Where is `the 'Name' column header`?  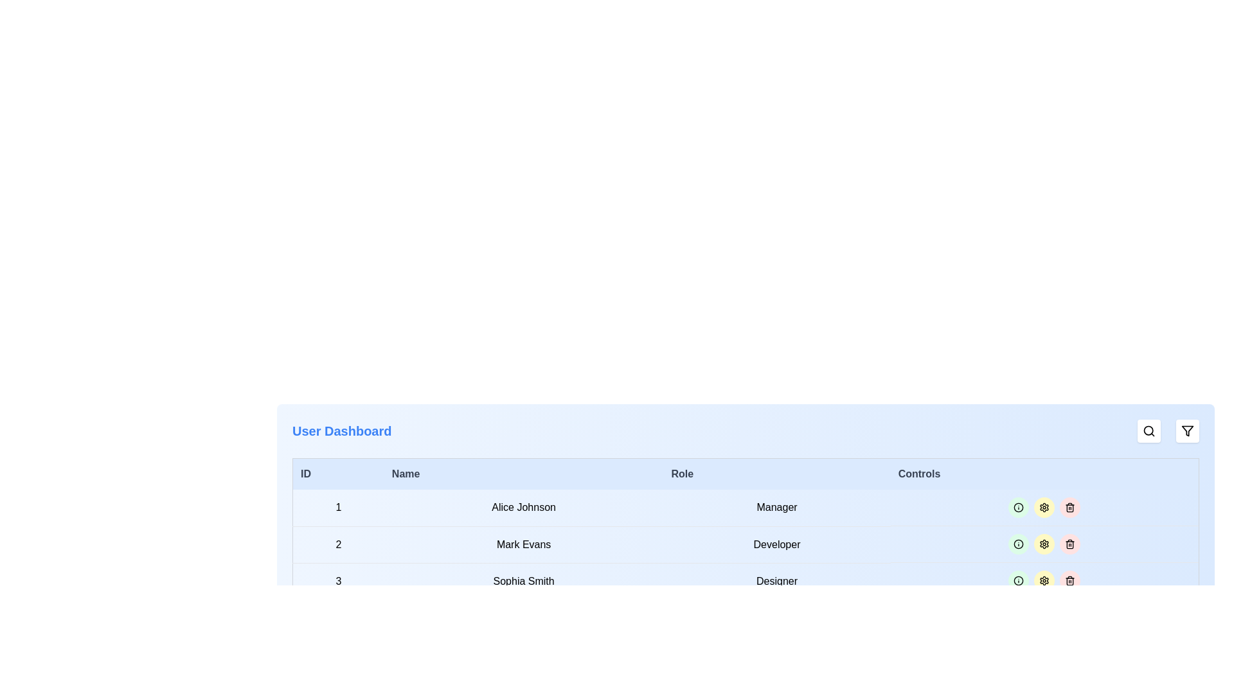
the 'Name' column header is located at coordinates (524, 474).